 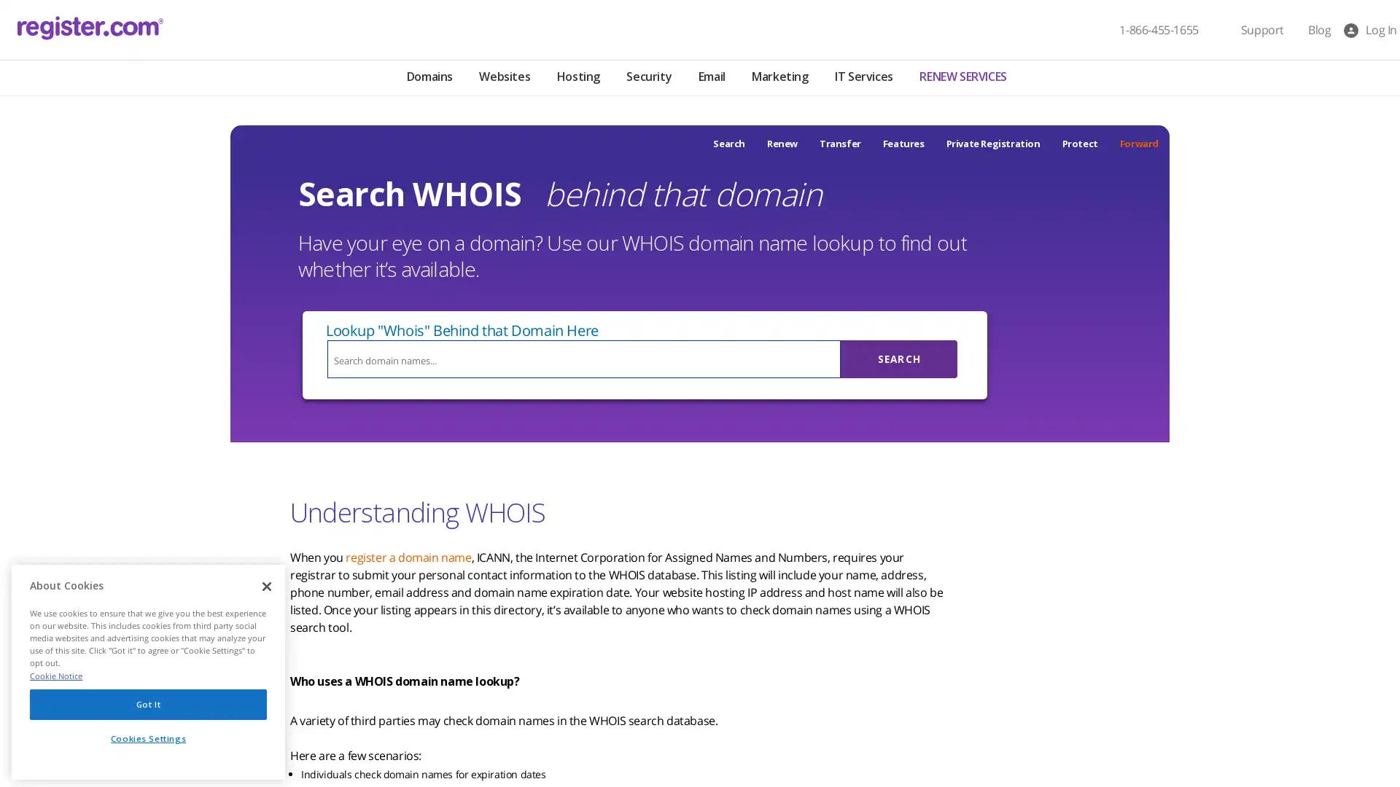 I want to click on Hosting, so click(x=577, y=78).